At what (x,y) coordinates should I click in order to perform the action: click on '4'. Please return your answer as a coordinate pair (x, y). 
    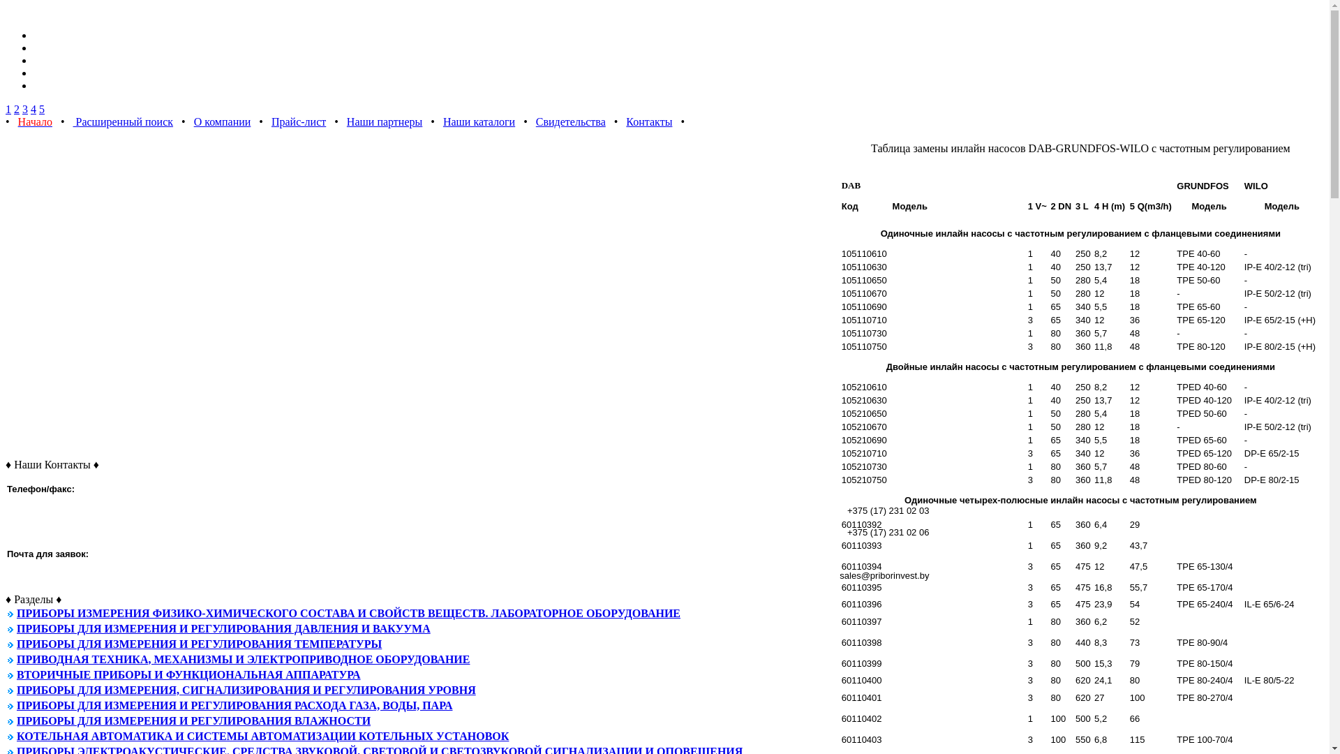
    Looking at the image, I should click on (33, 108).